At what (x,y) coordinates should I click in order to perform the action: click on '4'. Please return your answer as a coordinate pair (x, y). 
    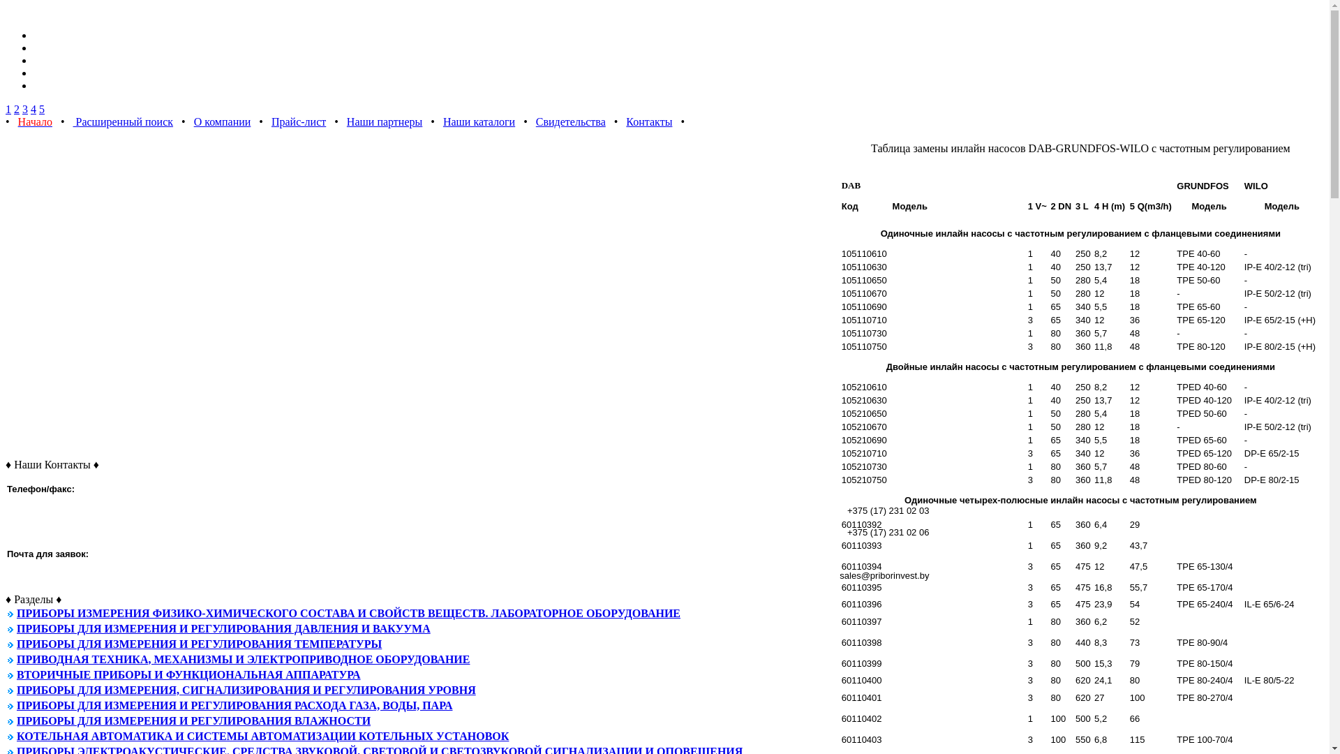
    Looking at the image, I should click on (33, 108).